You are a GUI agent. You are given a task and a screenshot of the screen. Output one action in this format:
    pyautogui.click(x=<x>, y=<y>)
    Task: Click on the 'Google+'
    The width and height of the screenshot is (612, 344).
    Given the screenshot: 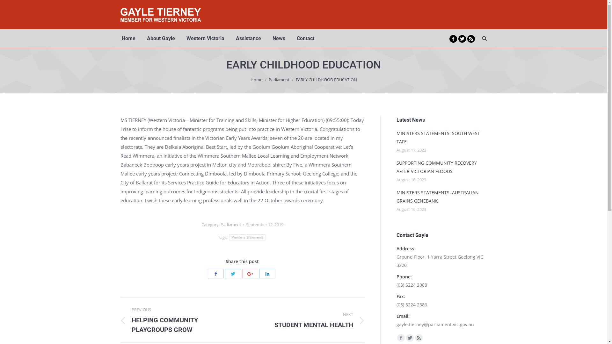 What is the action you would take?
    pyautogui.click(x=250, y=273)
    